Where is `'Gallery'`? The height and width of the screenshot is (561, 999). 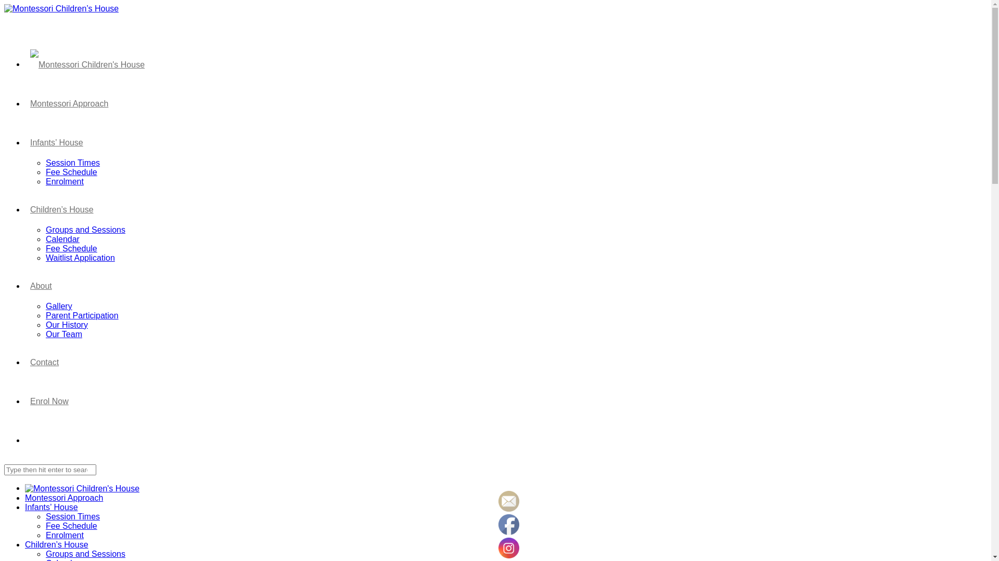
'Gallery' is located at coordinates (58, 305).